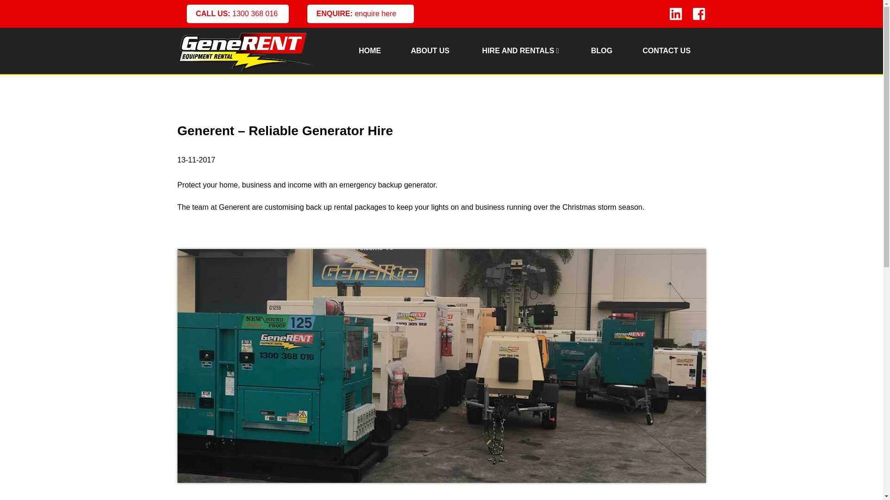 This screenshot has width=890, height=500. What do you see at coordinates (429, 51) in the screenshot?
I see `'ABOUT US'` at bounding box center [429, 51].